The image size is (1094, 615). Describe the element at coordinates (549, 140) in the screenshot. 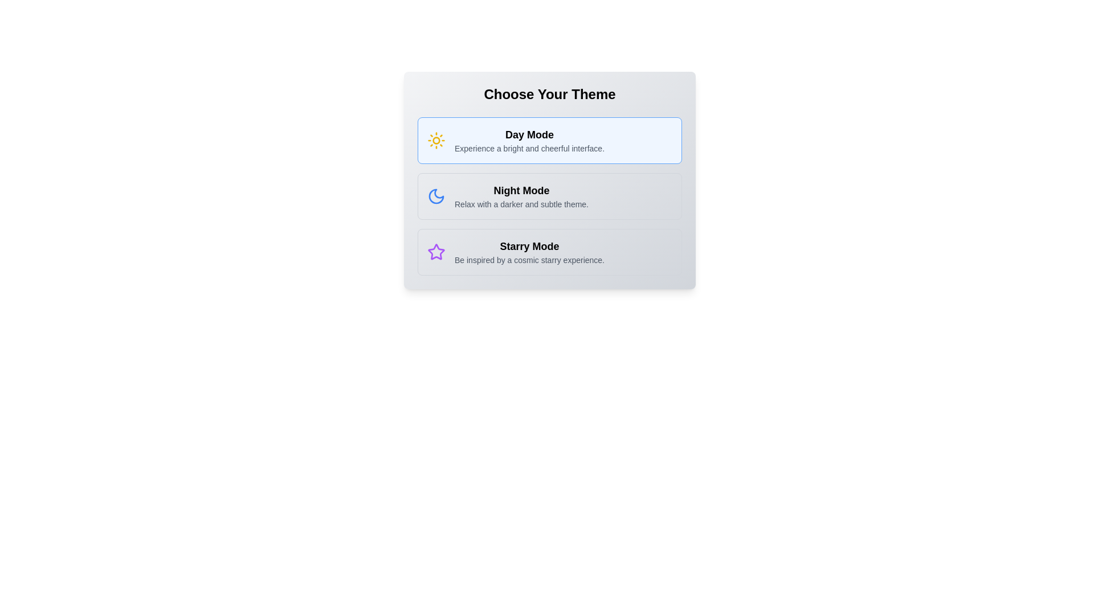

I see `the 'Day Mode' List Item or Option Panel, which features a sun icon, a bold header 'Day Mode', and a descriptive line about the bright interface` at that location.